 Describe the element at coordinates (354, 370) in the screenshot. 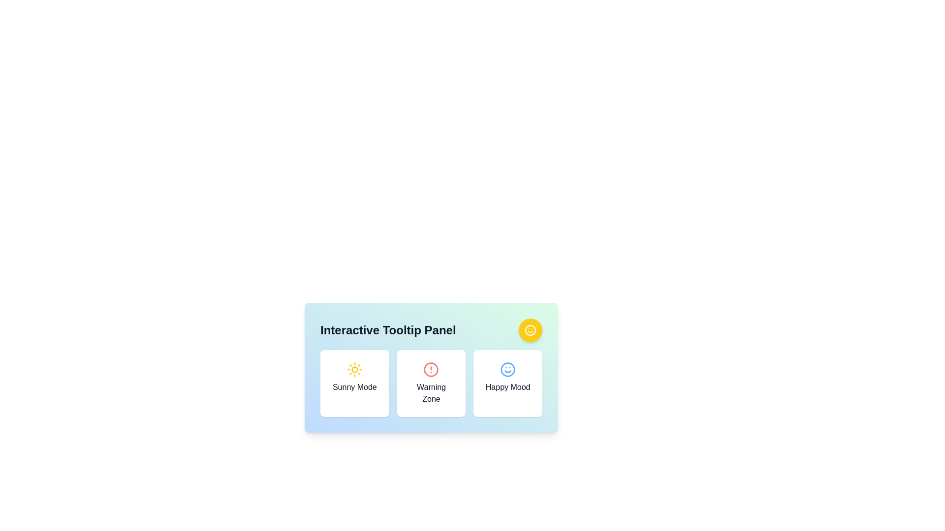

I see `the sun icon located at the top-center area of the card titled 'Sunny Mode', which is visually styled with a circular center and radiating lines in bright yellow` at that location.